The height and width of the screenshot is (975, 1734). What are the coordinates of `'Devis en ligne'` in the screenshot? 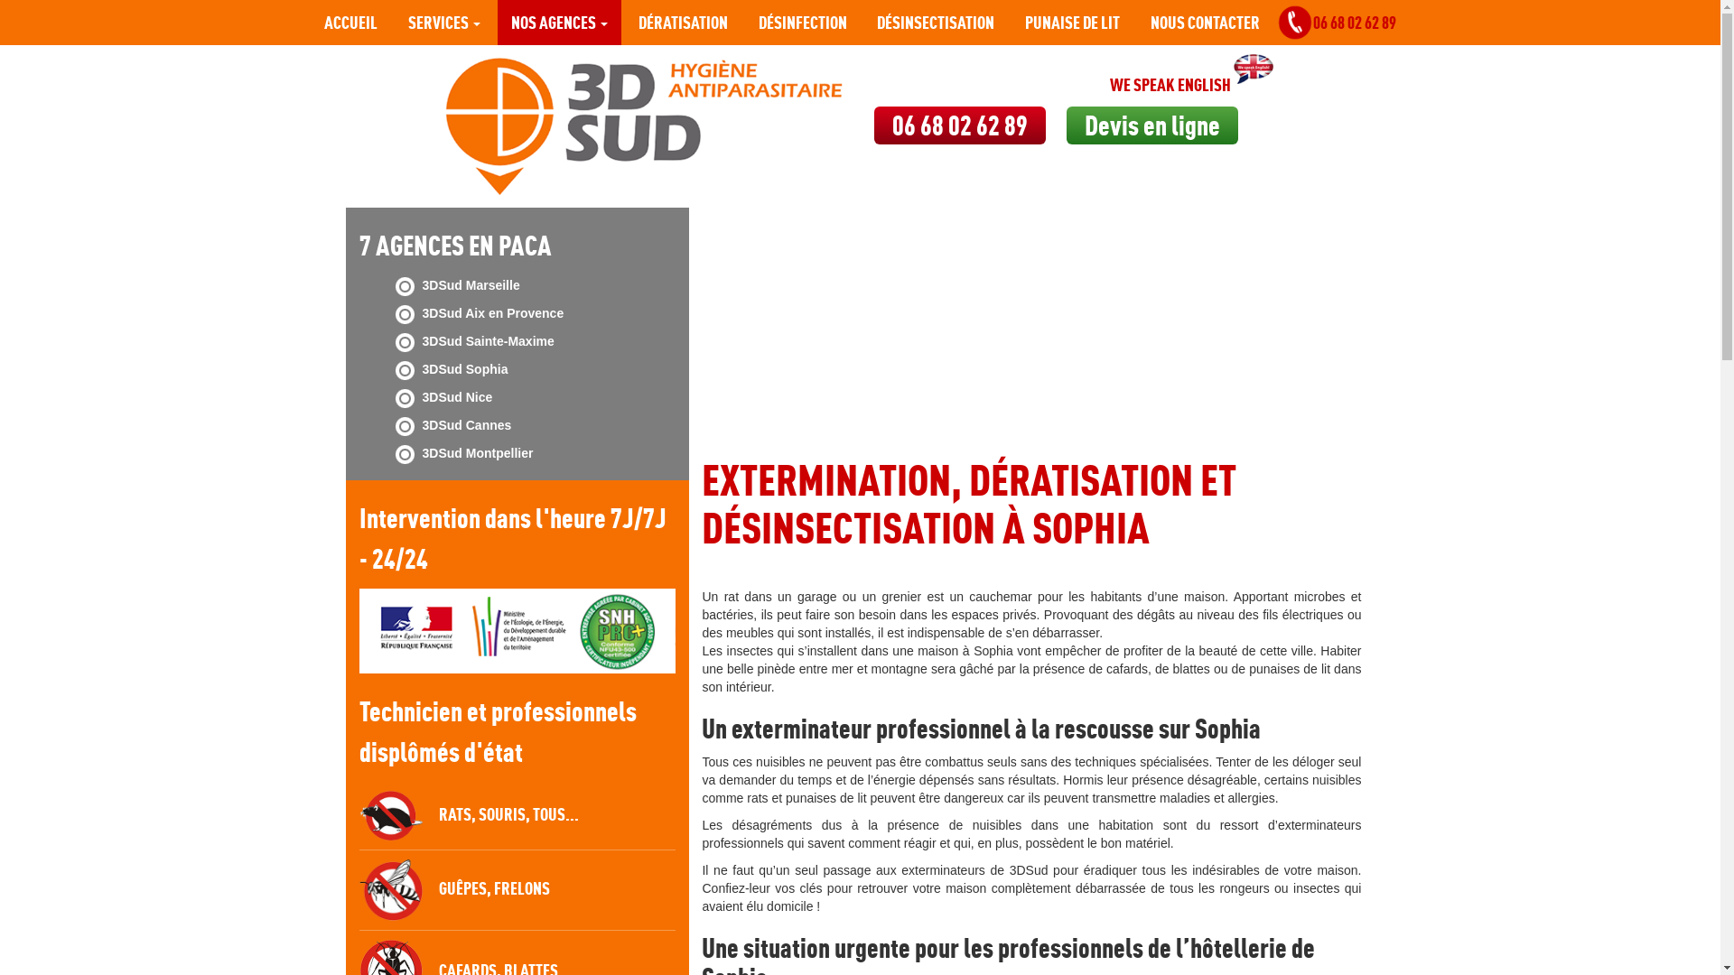 It's located at (1151, 124).